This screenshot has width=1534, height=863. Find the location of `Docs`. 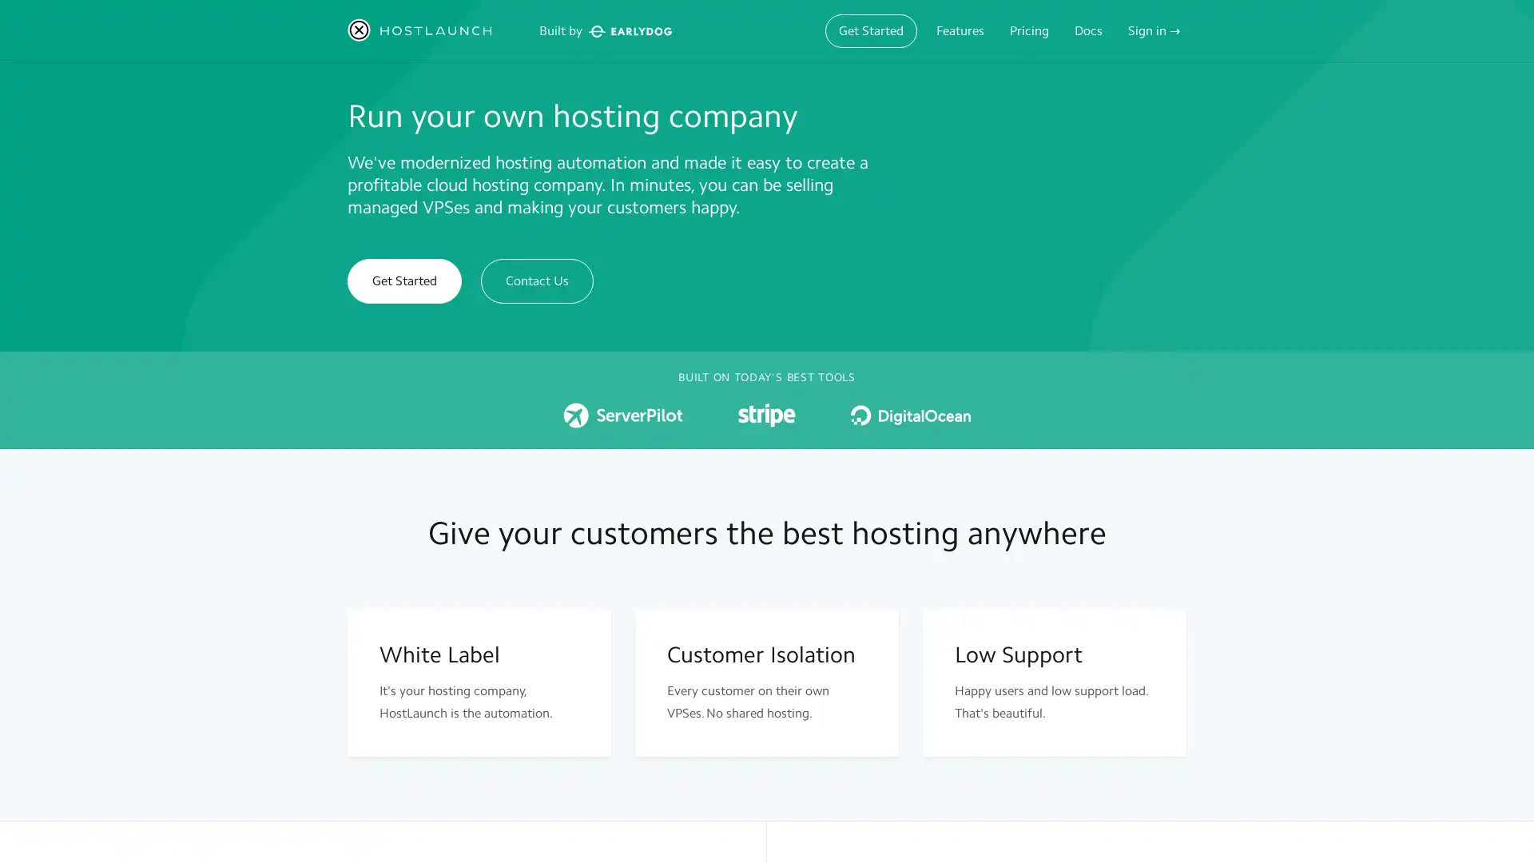

Docs is located at coordinates (1087, 30).